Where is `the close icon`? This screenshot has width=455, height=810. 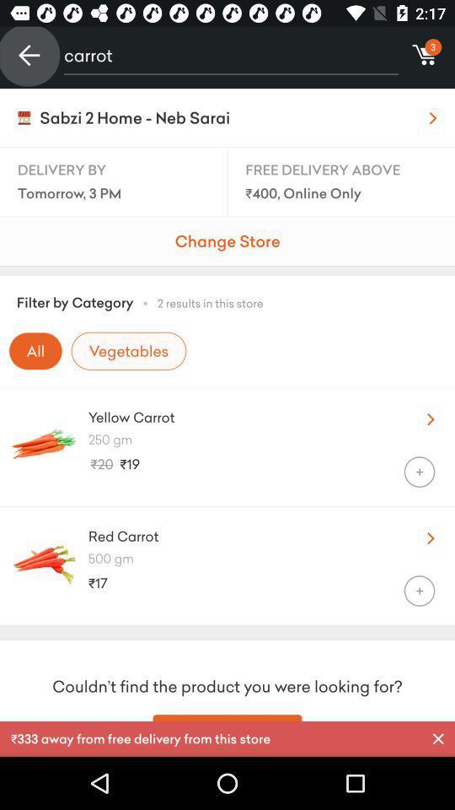 the close icon is located at coordinates (438, 738).